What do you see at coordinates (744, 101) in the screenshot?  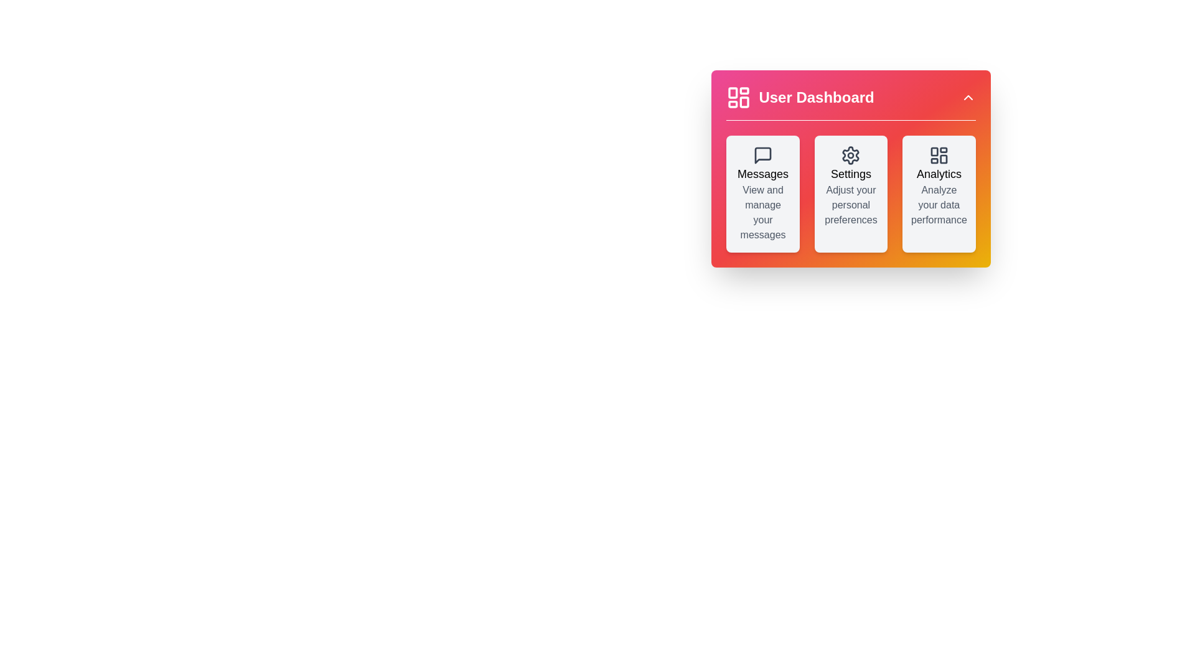 I see `the decorative graphical element located at the bottom-right corner of the grid in the top-left section of the User Dashboard panel` at bounding box center [744, 101].